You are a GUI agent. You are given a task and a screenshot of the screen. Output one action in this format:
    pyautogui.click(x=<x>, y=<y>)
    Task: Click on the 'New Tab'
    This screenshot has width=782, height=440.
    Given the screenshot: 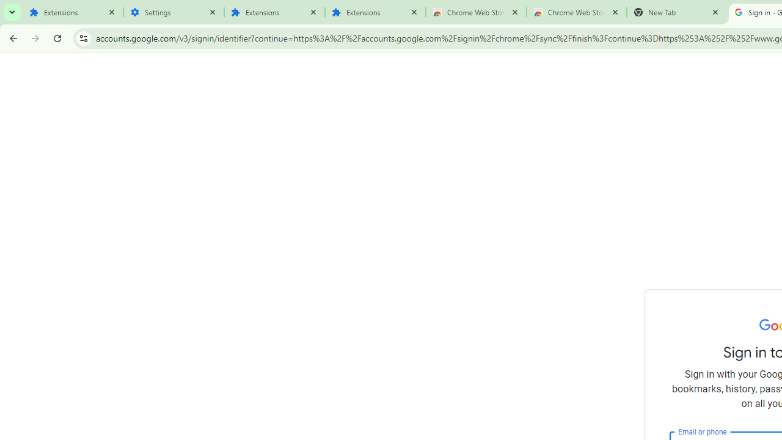 What is the action you would take?
    pyautogui.click(x=676, y=12)
    